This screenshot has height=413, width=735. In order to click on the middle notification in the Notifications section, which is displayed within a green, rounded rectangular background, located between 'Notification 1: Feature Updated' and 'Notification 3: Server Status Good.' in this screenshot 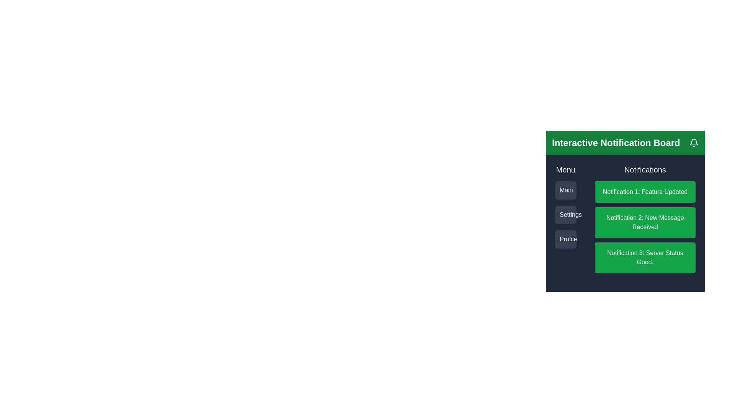, I will do `click(645, 227)`.